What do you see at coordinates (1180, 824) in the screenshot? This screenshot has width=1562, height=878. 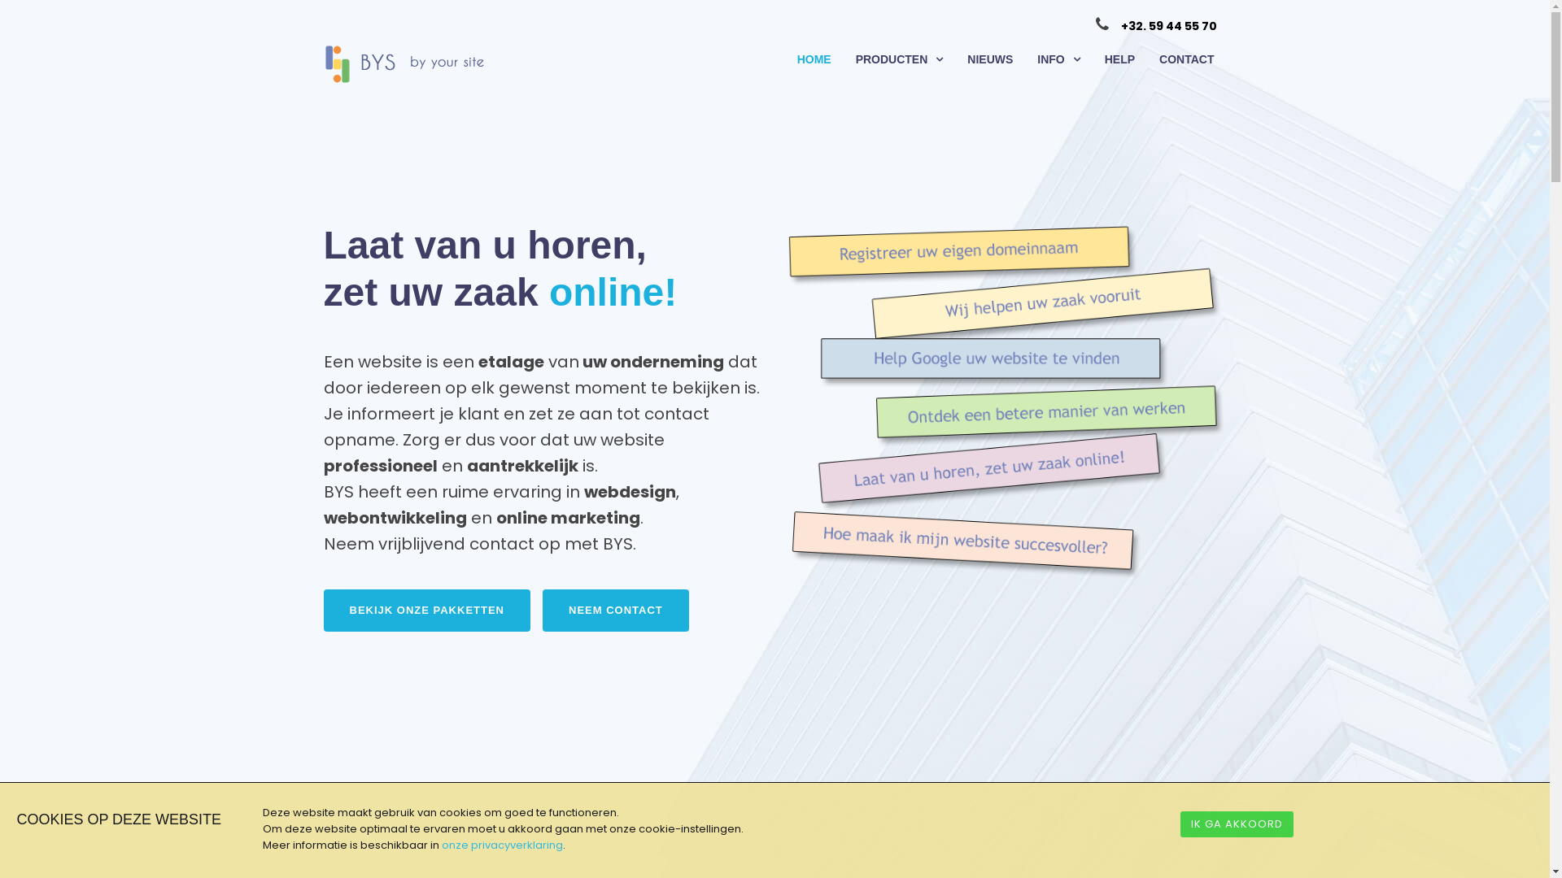 I see `'IK GA AKKOORD'` at bounding box center [1180, 824].